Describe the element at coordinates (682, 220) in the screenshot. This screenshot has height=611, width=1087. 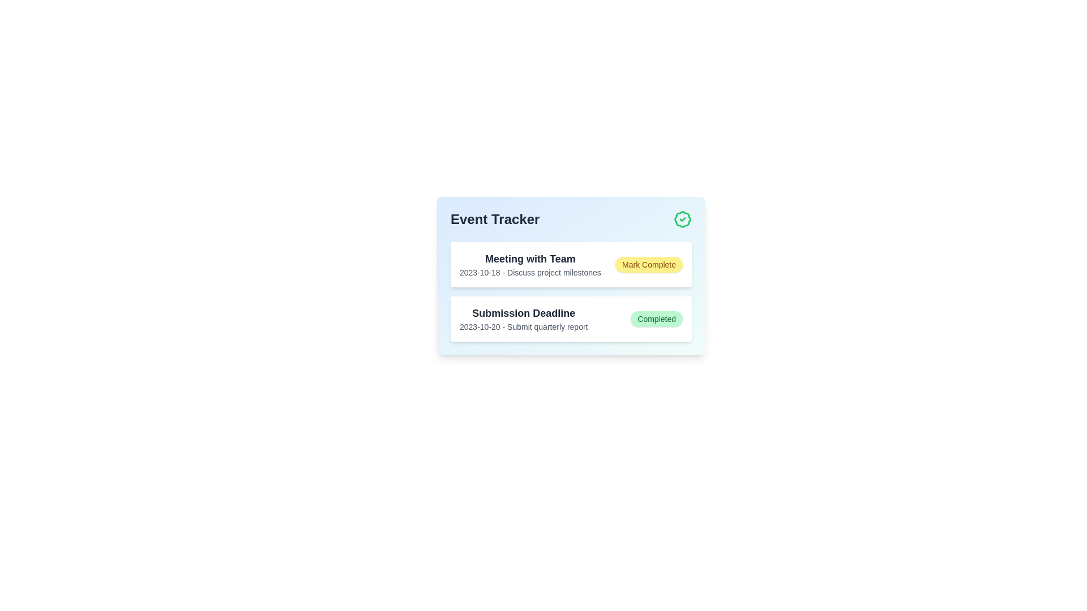
I see `the SVG graphical element with a circular design and green check mark, located in the top-right corner of the 'Event Tracker' card` at that location.